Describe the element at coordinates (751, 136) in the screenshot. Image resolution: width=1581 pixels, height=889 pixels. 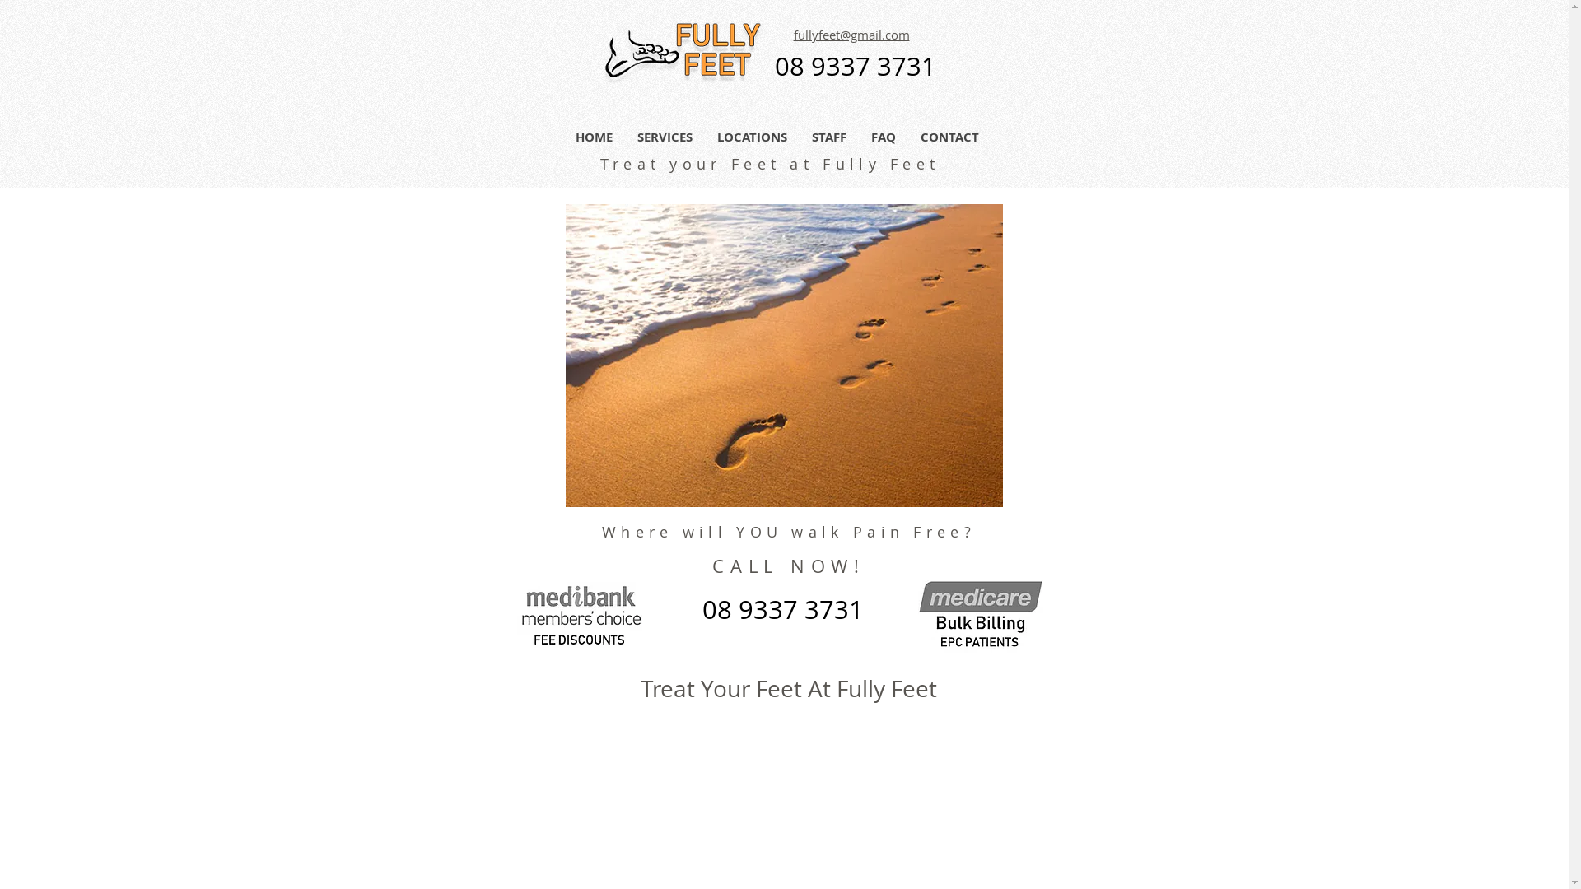
I see `'LOCATIONS'` at that location.